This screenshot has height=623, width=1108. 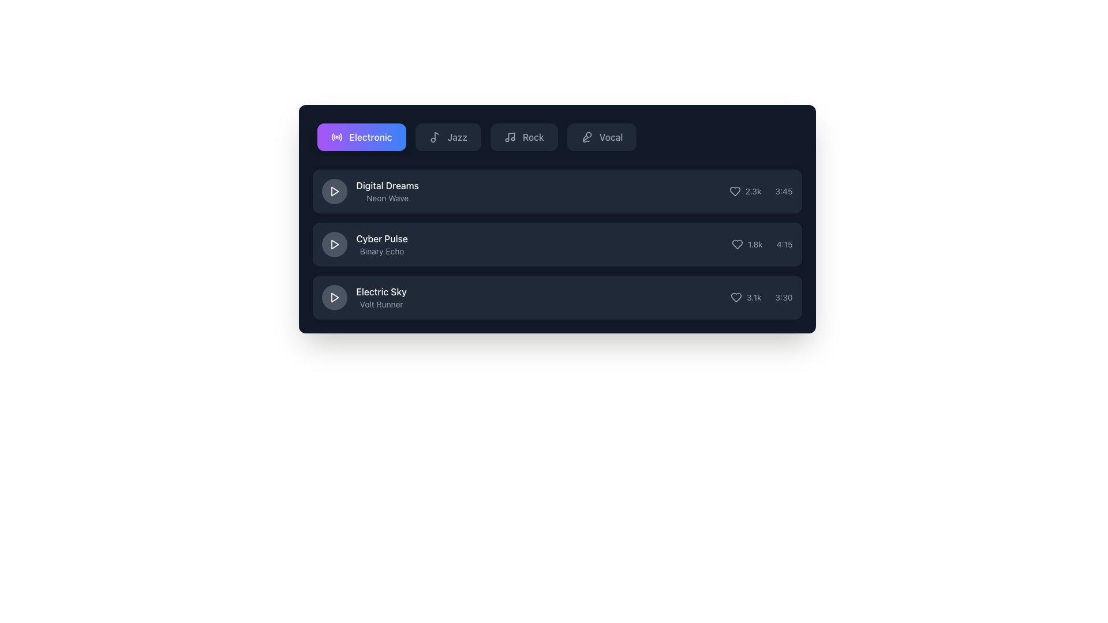 What do you see at coordinates (754, 297) in the screenshot?
I see `numeric text value '3.1k' displayed to the right of the heart icon for the song 'Electric Sky' by 'Volt Runner'` at bounding box center [754, 297].